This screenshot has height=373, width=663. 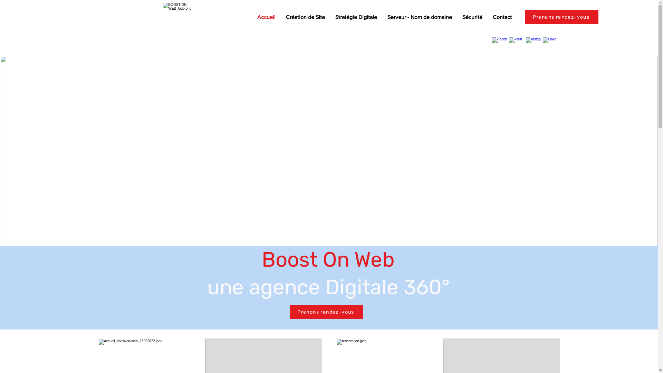 What do you see at coordinates (326, 312) in the screenshot?
I see `'Prenons rendez-vous'` at bounding box center [326, 312].